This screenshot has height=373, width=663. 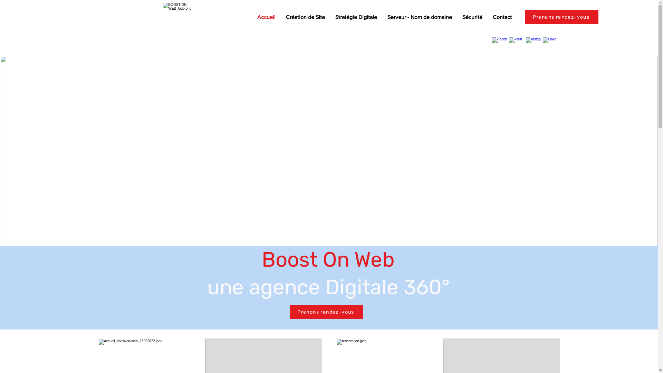 What do you see at coordinates (326, 312) in the screenshot?
I see `'Prenons rendez-vous'` at bounding box center [326, 312].